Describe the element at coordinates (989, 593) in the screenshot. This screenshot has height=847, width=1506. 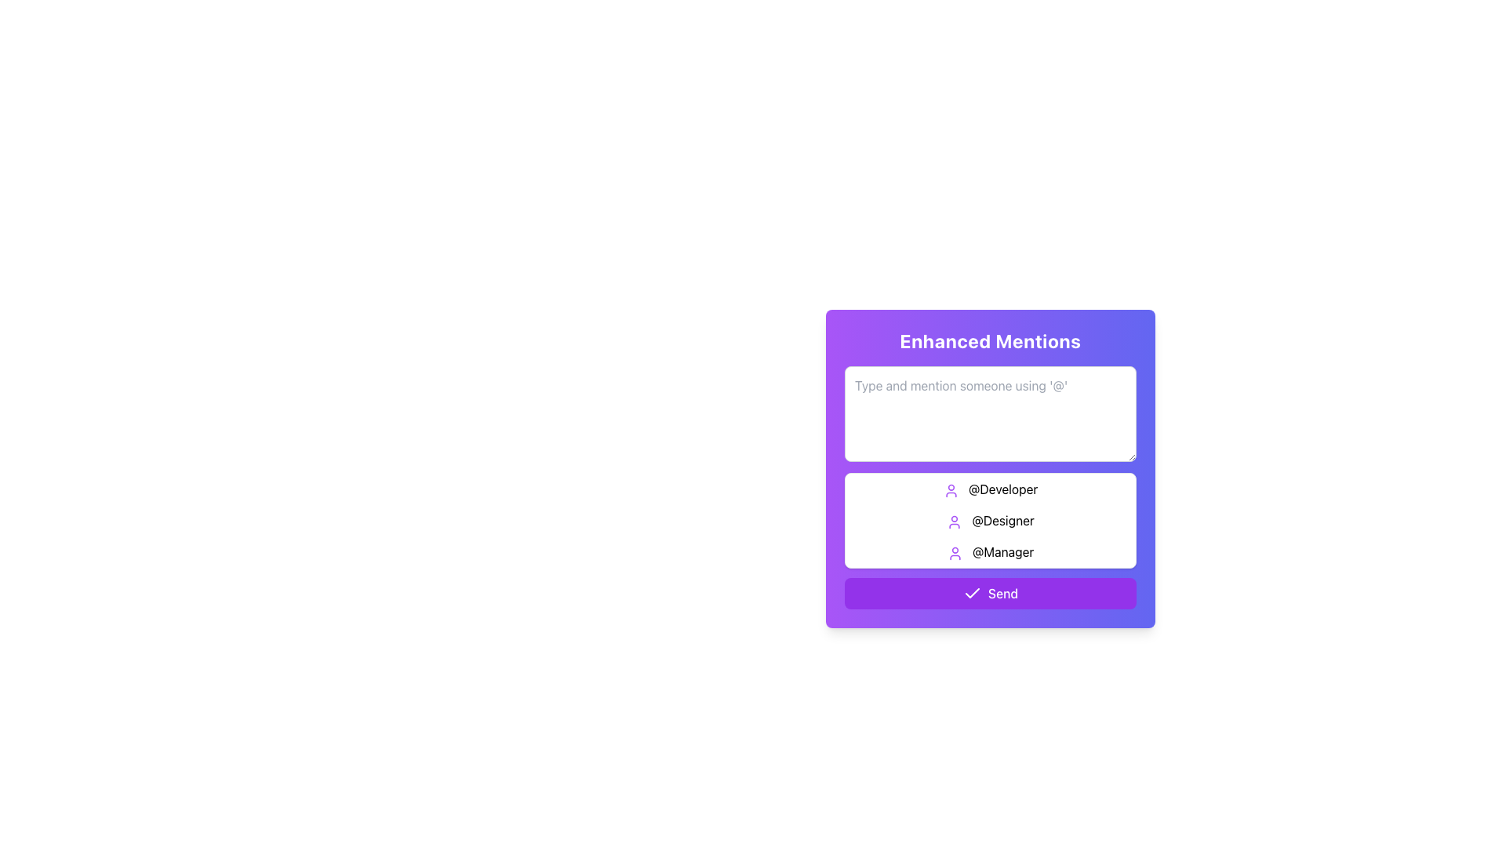
I see `the submission button located at the bottom of the card, beneath the '@Manager' mention` at that location.